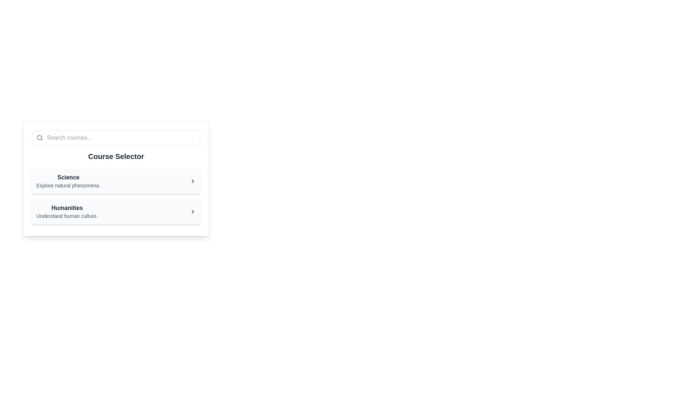 The height and width of the screenshot is (393, 699). Describe the element at coordinates (115, 178) in the screenshot. I see `the first selectable card representing the 'Science' category within the course navigation interface under the 'Course Selector' title` at that location.